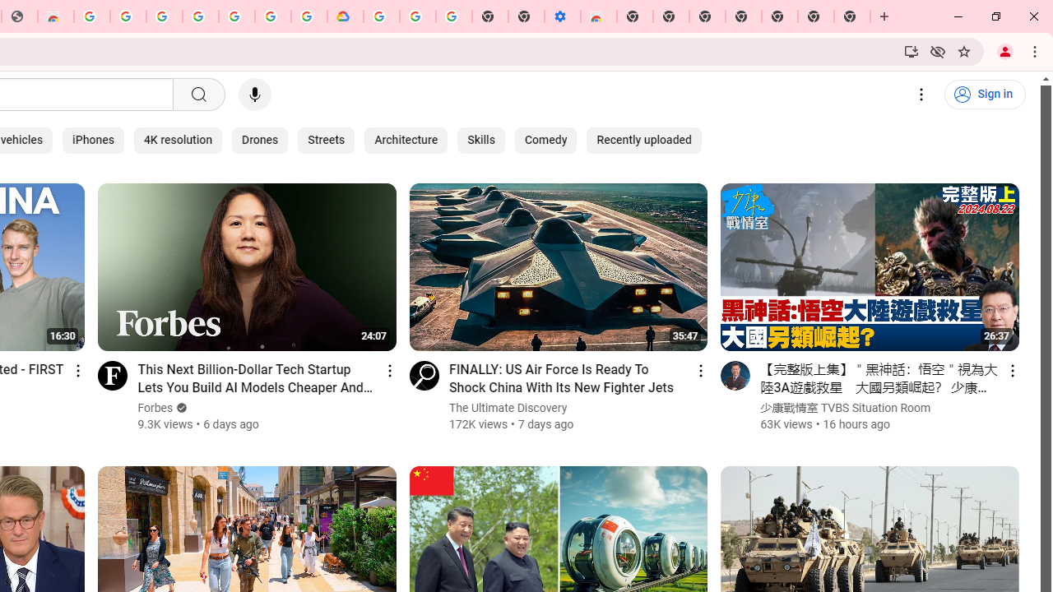  I want to click on 'iPhones', so click(92, 140).